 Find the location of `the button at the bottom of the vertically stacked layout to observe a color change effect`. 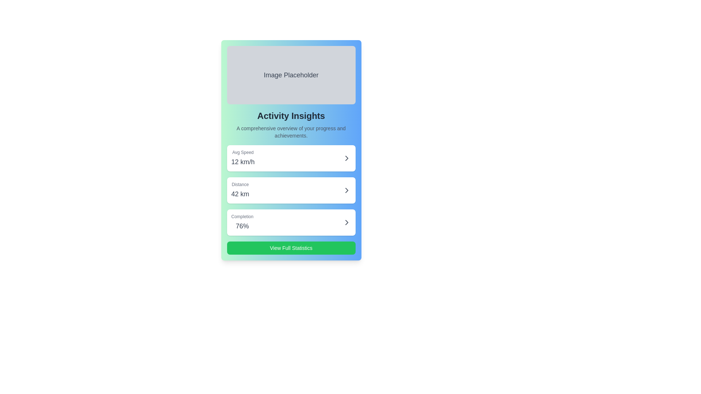

the button at the bottom of the vertically stacked layout to observe a color change effect is located at coordinates (291, 247).